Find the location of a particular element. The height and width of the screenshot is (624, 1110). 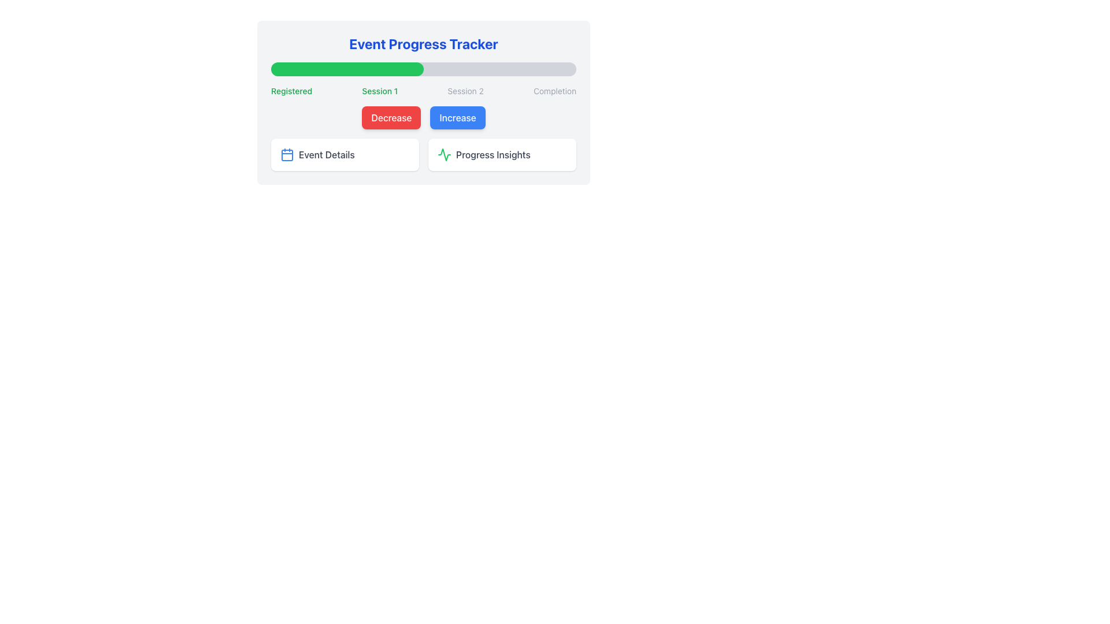

the green text label reading 'Session 1', which is the second label in a horizontal row of four labels located under a progress bar is located at coordinates (380, 91).